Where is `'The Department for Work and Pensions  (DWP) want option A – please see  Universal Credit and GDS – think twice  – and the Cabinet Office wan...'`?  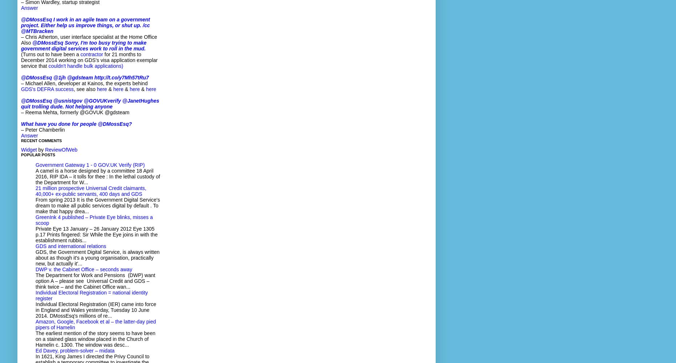 'The Department for Work and Pensions  (DWP) want option A – please see  Universal Credit and GDS – think twice  – and the Cabinet Office wan...' is located at coordinates (95, 281).